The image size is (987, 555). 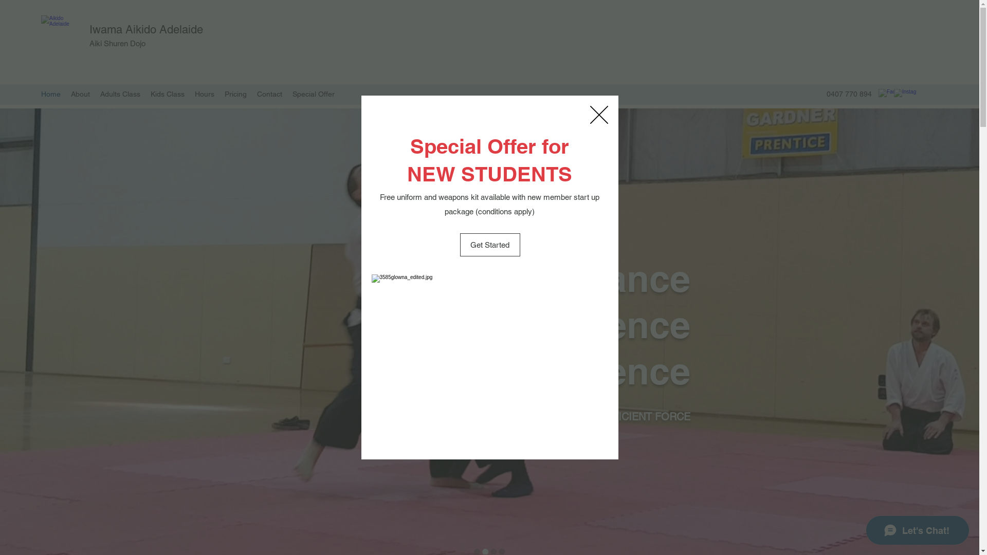 I want to click on 'Pricing', so click(x=235, y=94).